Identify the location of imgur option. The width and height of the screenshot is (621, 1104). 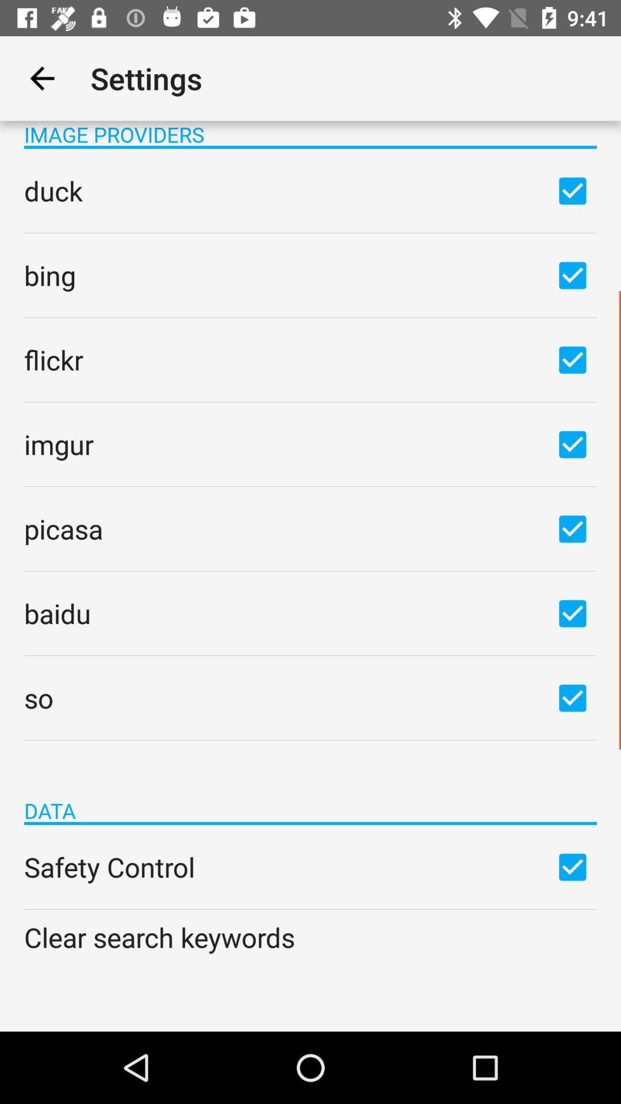
(572, 443).